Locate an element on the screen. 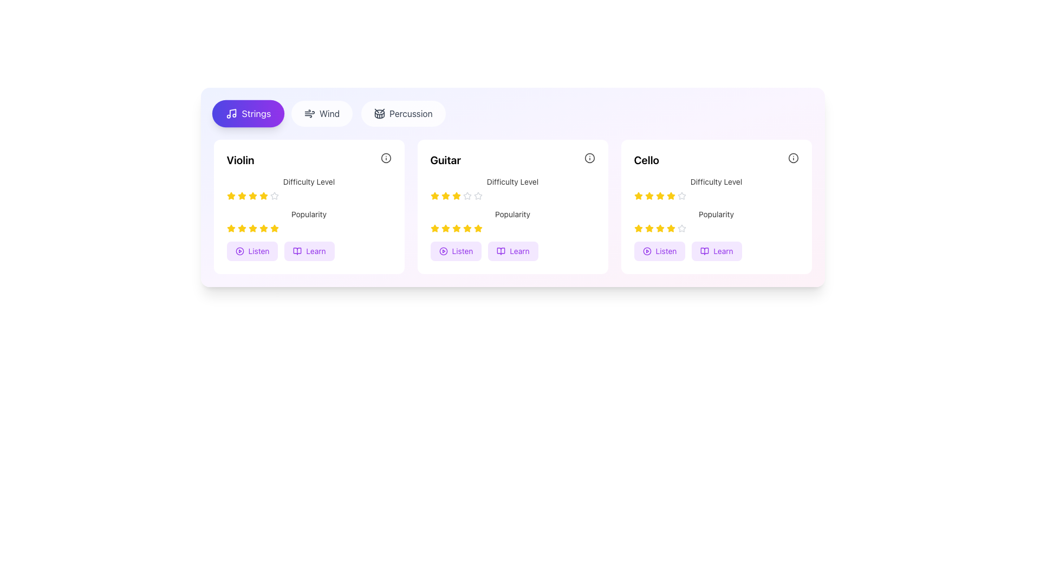 This screenshot has height=585, width=1040. the circular play icon within the 'Listen' button on the second card ('Guitar') is located at coordinates (443, 251).